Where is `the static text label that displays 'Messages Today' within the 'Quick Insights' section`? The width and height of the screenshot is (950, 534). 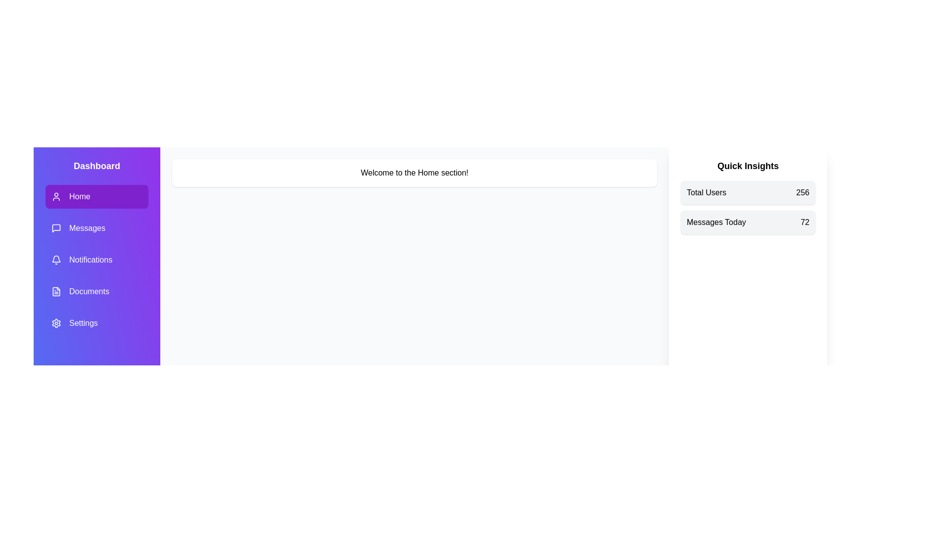
the static text label that displays 'Messages Today' within the 'Quick Insights' section is located at coordinates (716, 222).